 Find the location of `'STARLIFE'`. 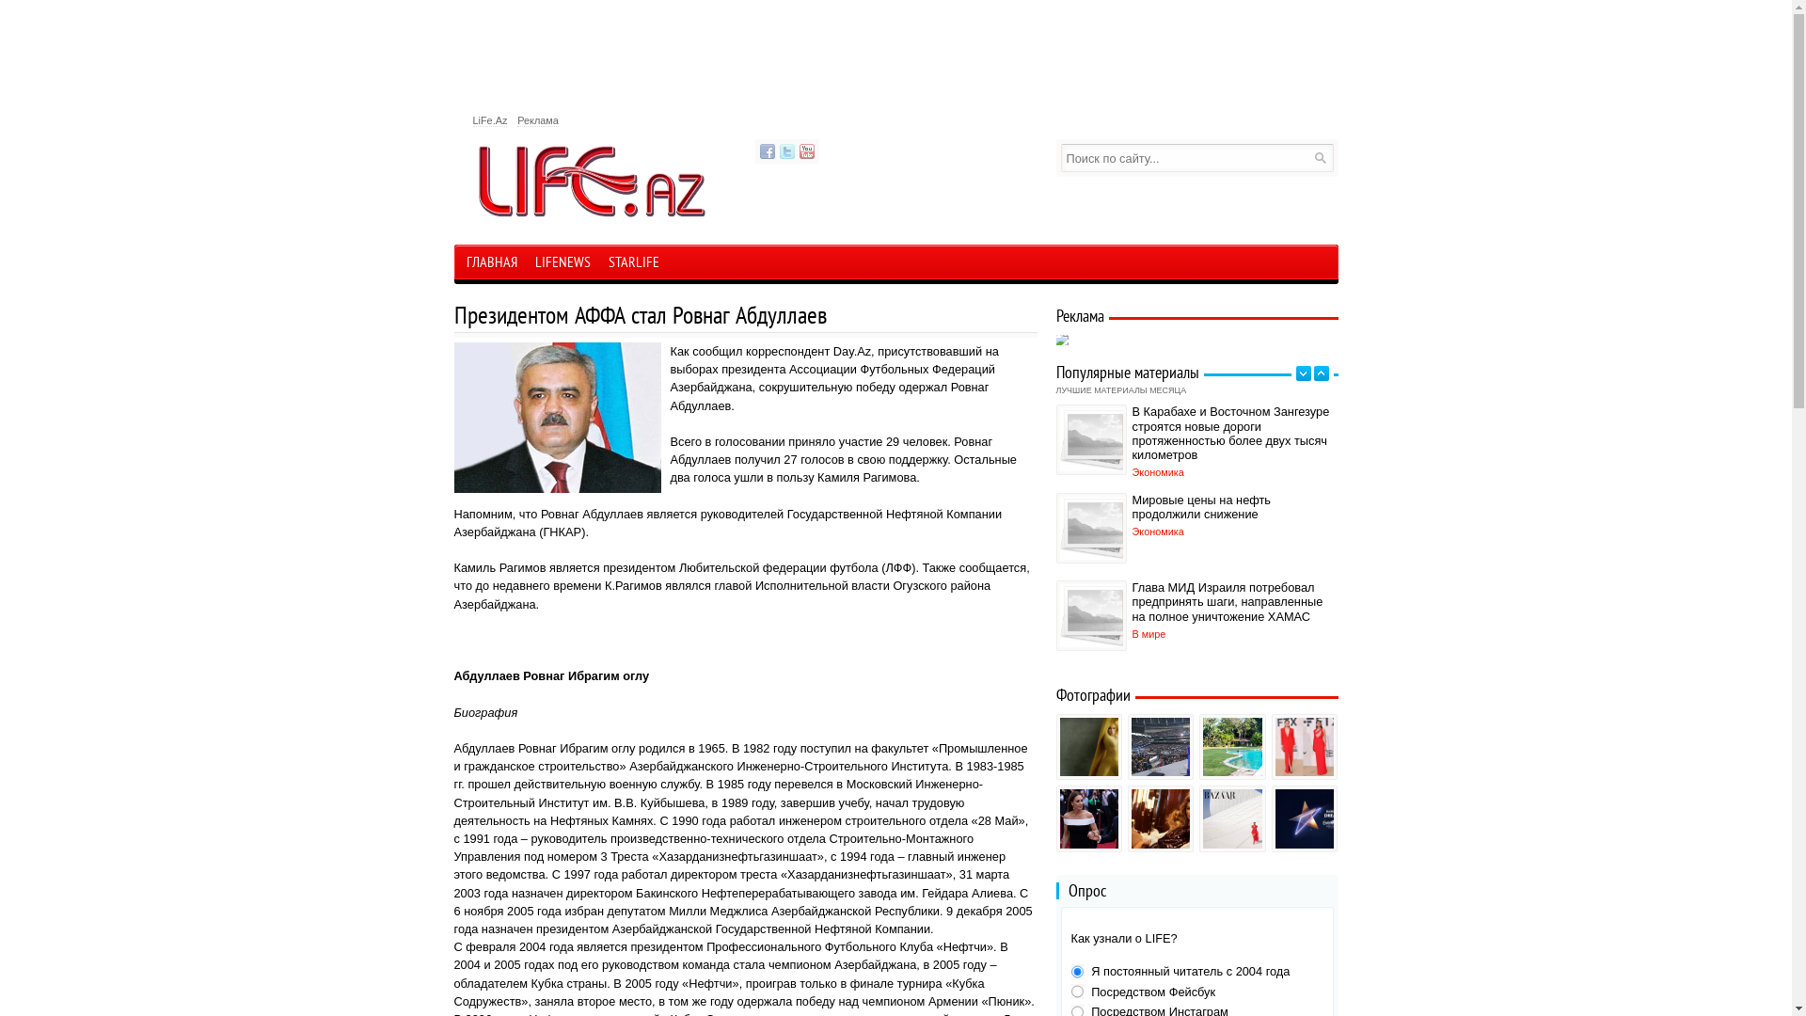

'STARLIFE' is located at coordinates (633, 264).